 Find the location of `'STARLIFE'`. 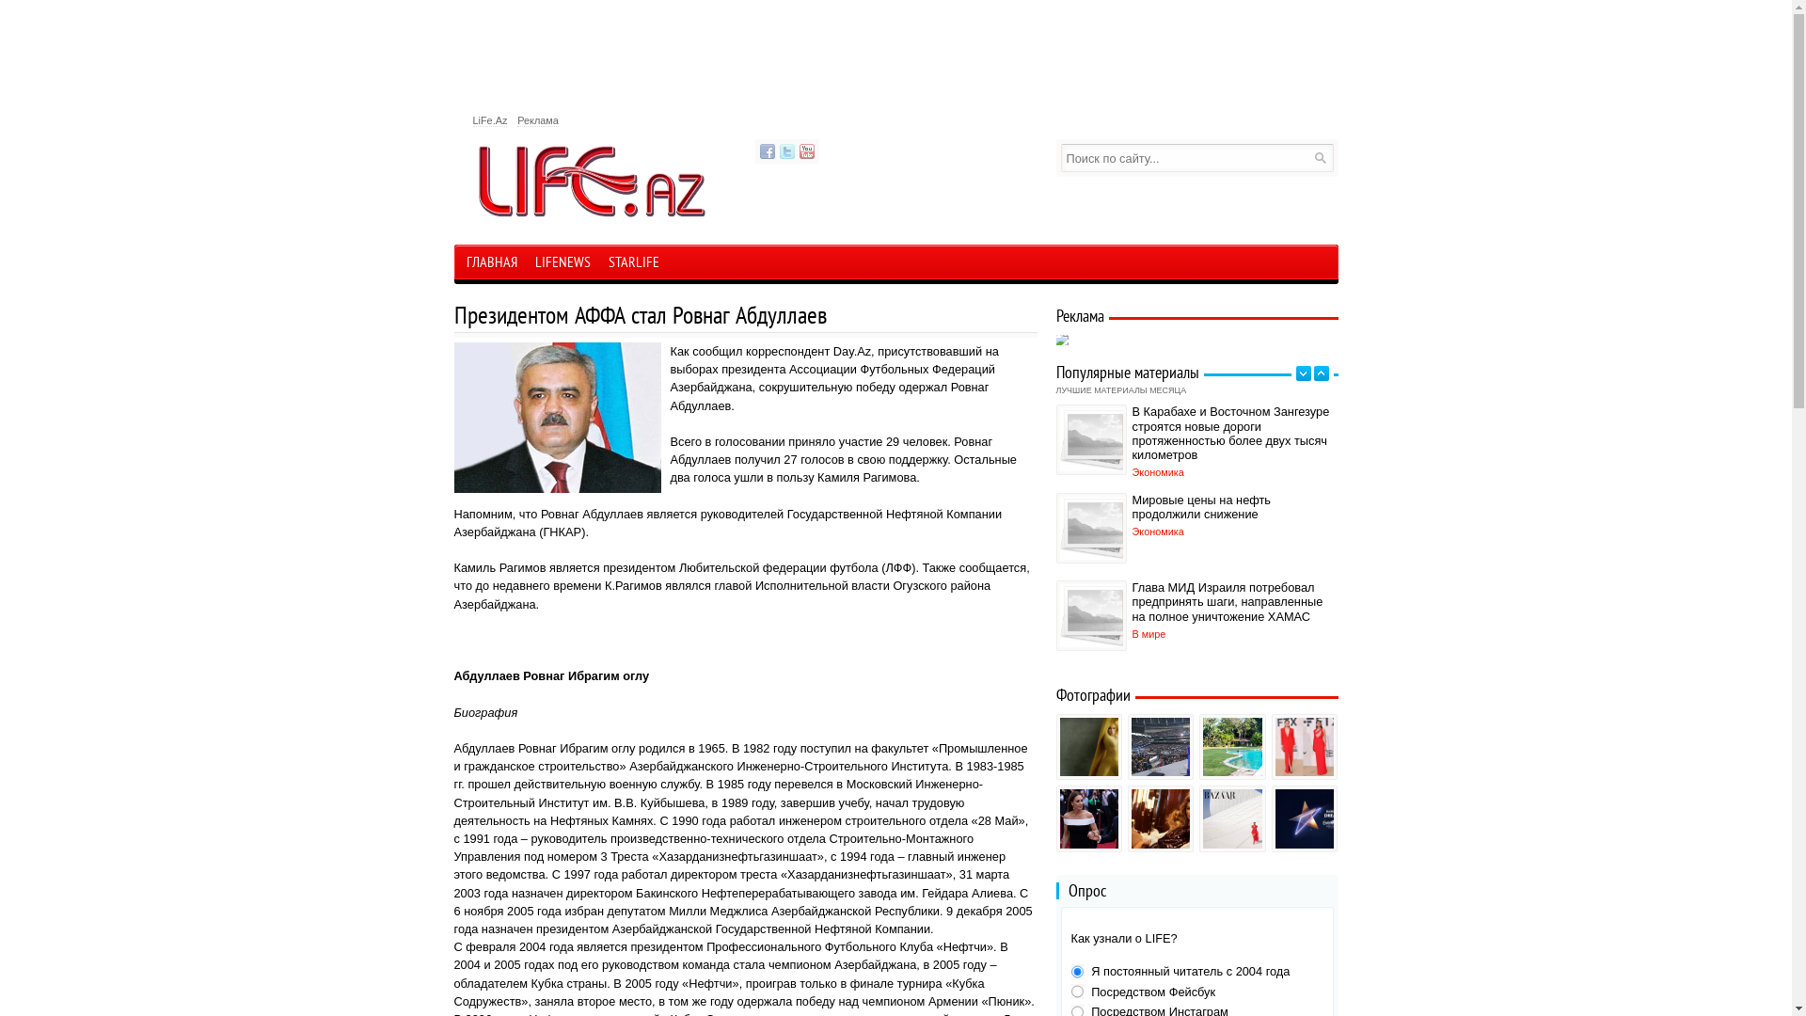

'STARLIFE' is located at coordinates (633, 264).